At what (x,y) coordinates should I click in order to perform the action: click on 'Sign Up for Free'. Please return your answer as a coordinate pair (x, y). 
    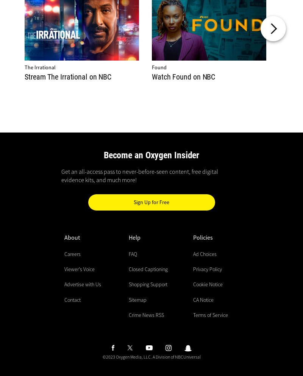
    Looking at the image, I should click on (151, 202).